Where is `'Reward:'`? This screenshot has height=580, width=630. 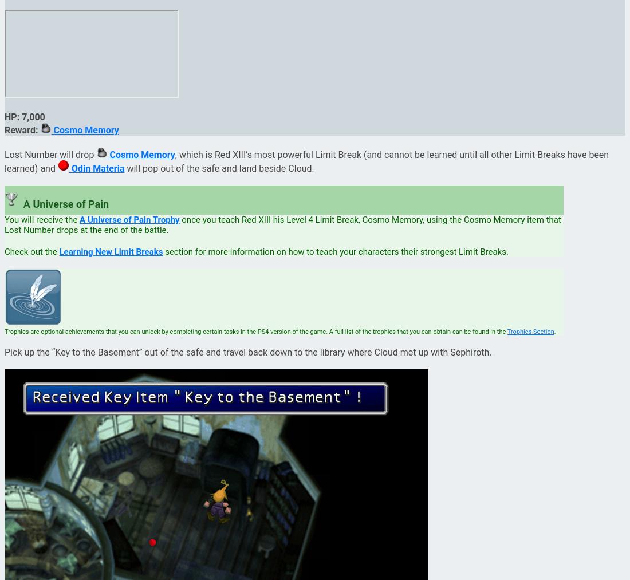 'Reward:' is located at coordinates (22, 129).